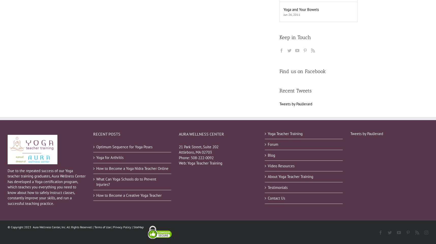 Image resolution: width=436 pixels, height=244 pixels. Describe the element at coordinates (295, 37) in the screenshot. I see `'Keep in Touch'` at that location.